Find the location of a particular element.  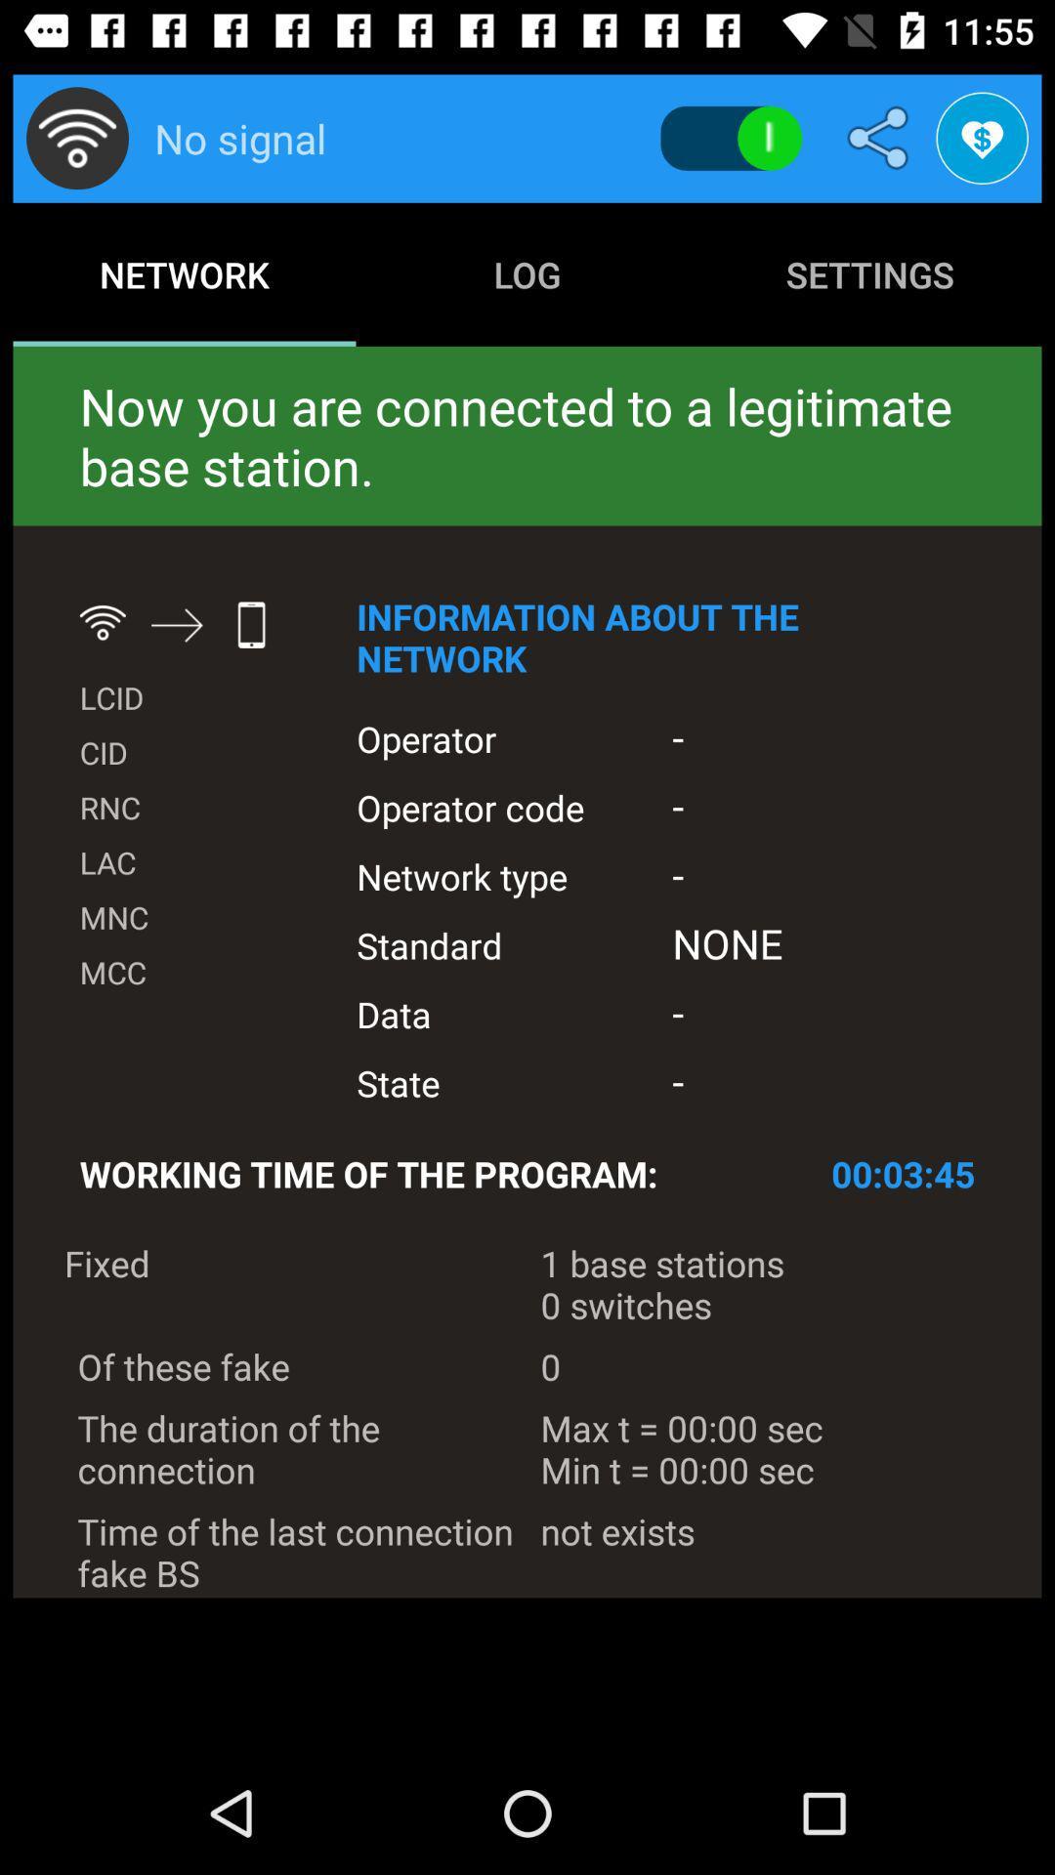

on/off is located at coordinates (731, 138).